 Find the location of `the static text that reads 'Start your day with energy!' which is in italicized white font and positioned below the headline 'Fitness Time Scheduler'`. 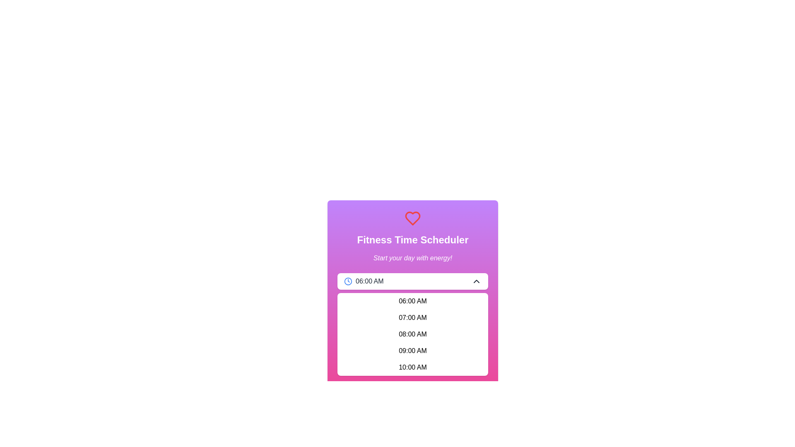

the static text that reads 'Start your day with energy!' which is in italicized white font and positioned below the headline 'Fitness Time Scheduler' is located at coordinates (413, 258).